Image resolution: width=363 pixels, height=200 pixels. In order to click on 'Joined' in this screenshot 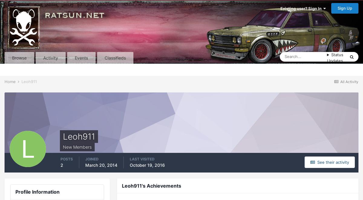, I will do `click(92, 158)`.